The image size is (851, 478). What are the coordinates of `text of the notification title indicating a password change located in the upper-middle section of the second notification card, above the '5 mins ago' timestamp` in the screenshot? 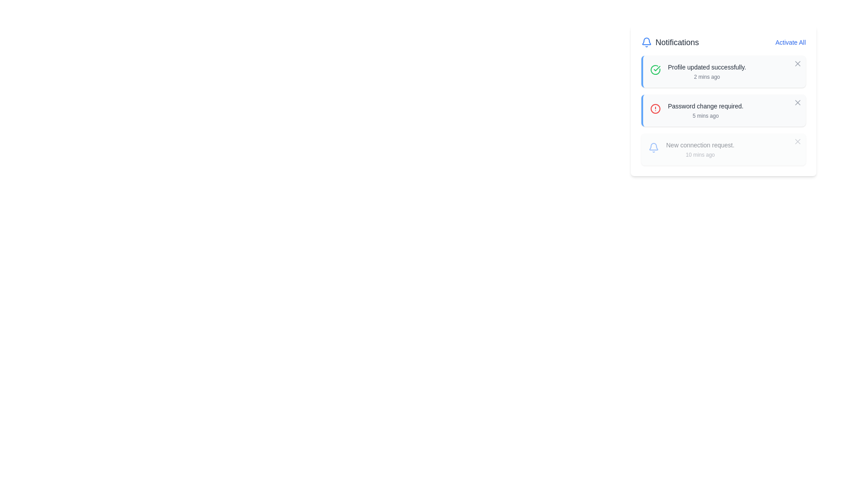 It's located at (705, 105).